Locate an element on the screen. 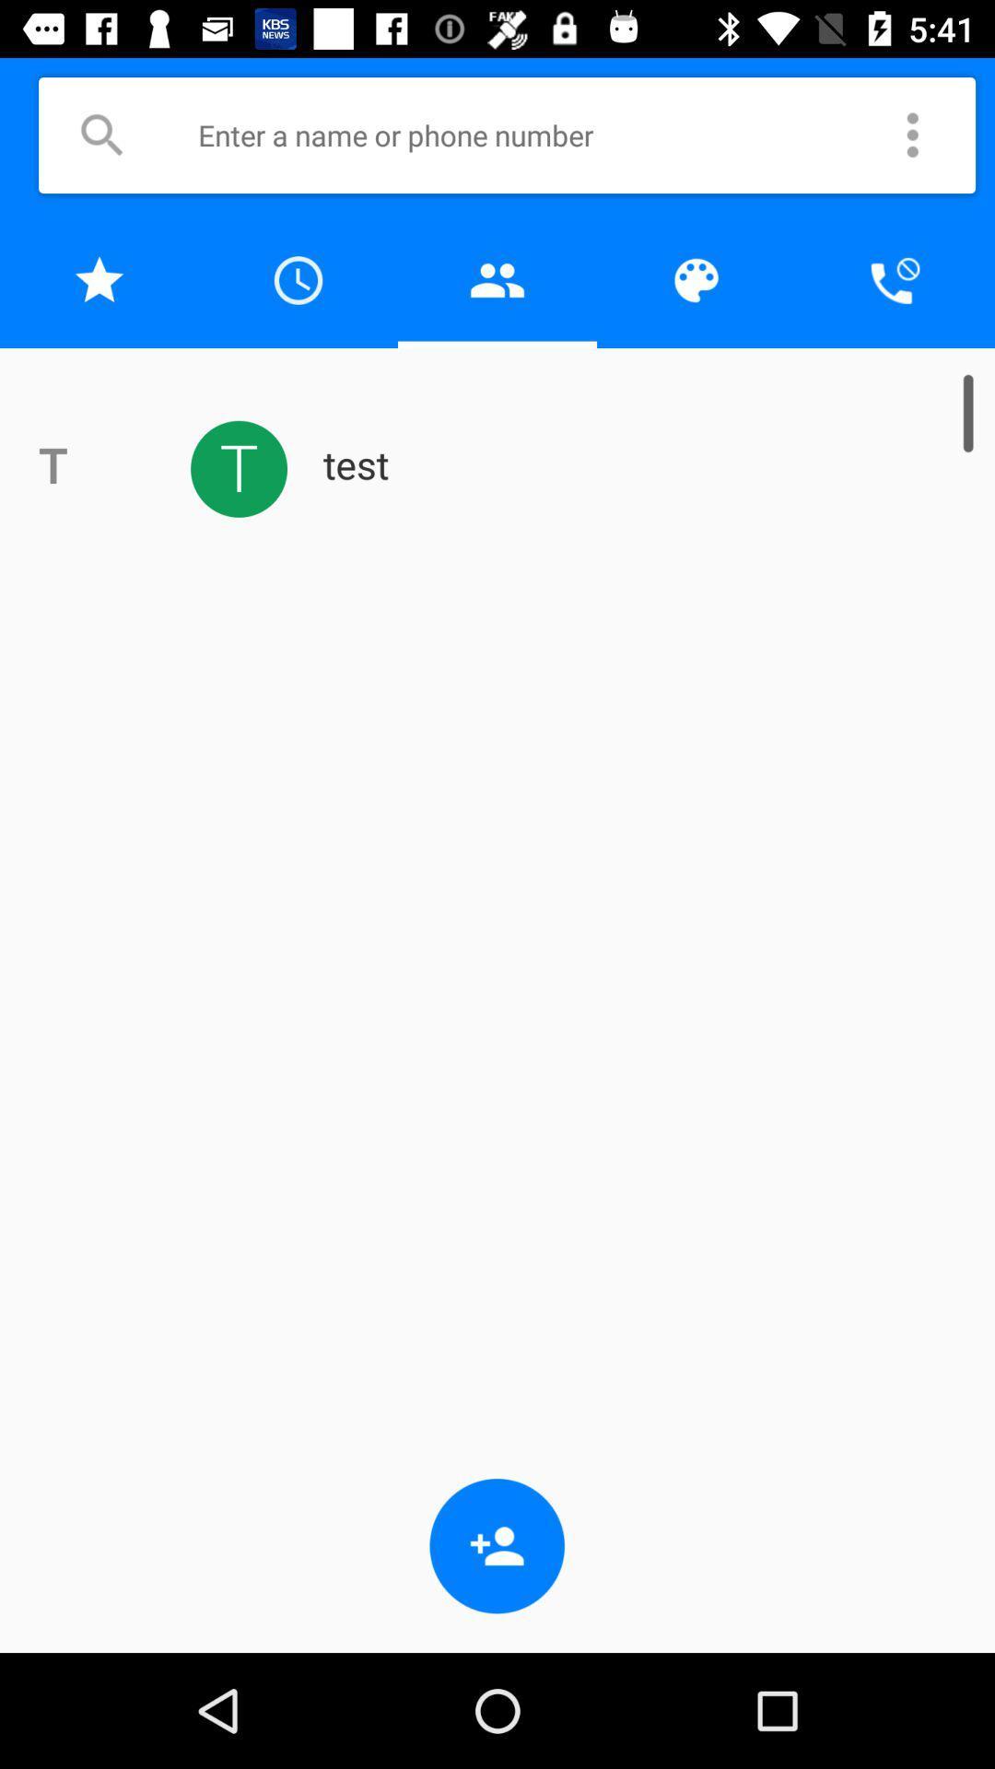 The height and width of the screenshot is (1769, 995). history is located at coordinates (298, 279).